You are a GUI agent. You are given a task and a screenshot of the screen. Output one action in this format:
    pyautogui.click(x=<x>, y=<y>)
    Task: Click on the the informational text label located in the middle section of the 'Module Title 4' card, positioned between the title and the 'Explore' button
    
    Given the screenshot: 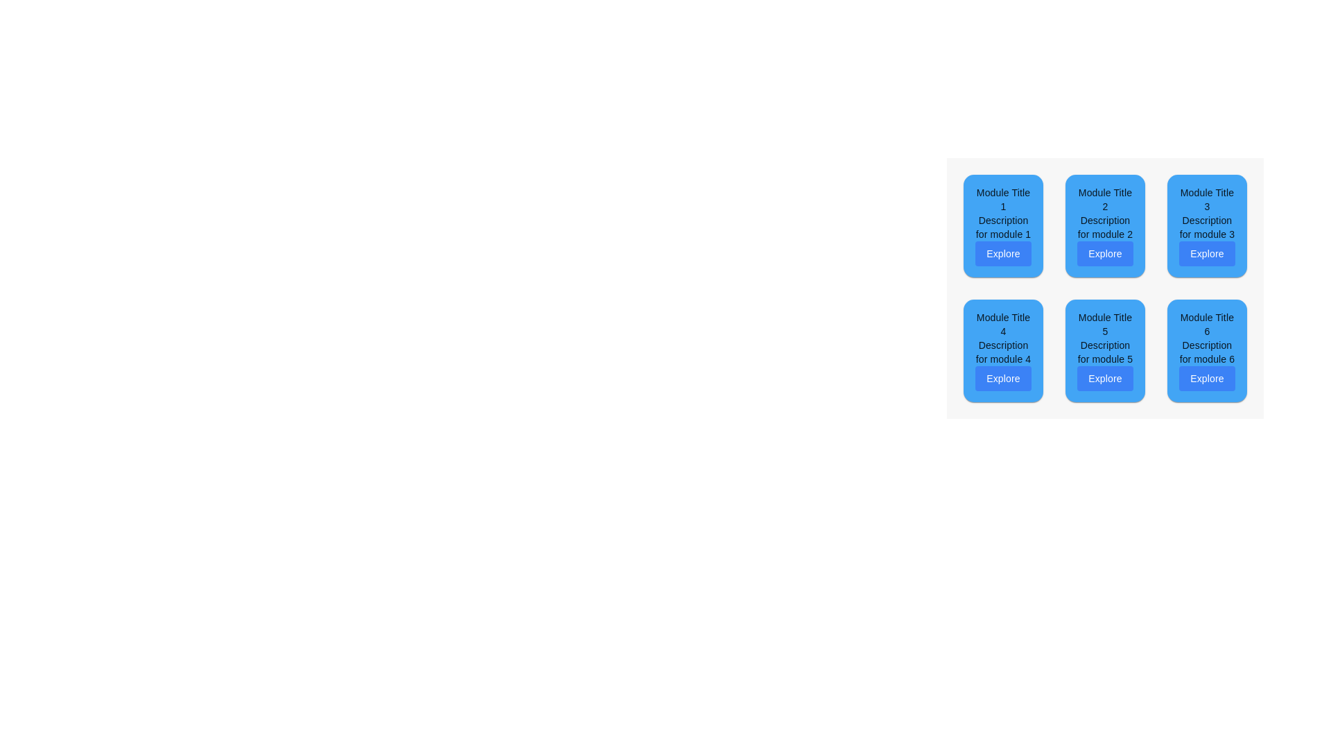 What is the action you would take?
    pyautogui.click(x=1003, y=352)
    